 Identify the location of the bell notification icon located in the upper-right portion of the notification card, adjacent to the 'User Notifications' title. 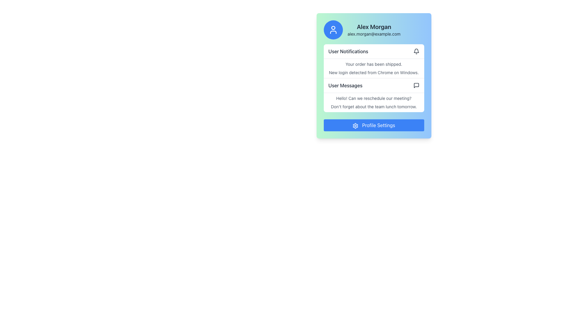
(416, 50).